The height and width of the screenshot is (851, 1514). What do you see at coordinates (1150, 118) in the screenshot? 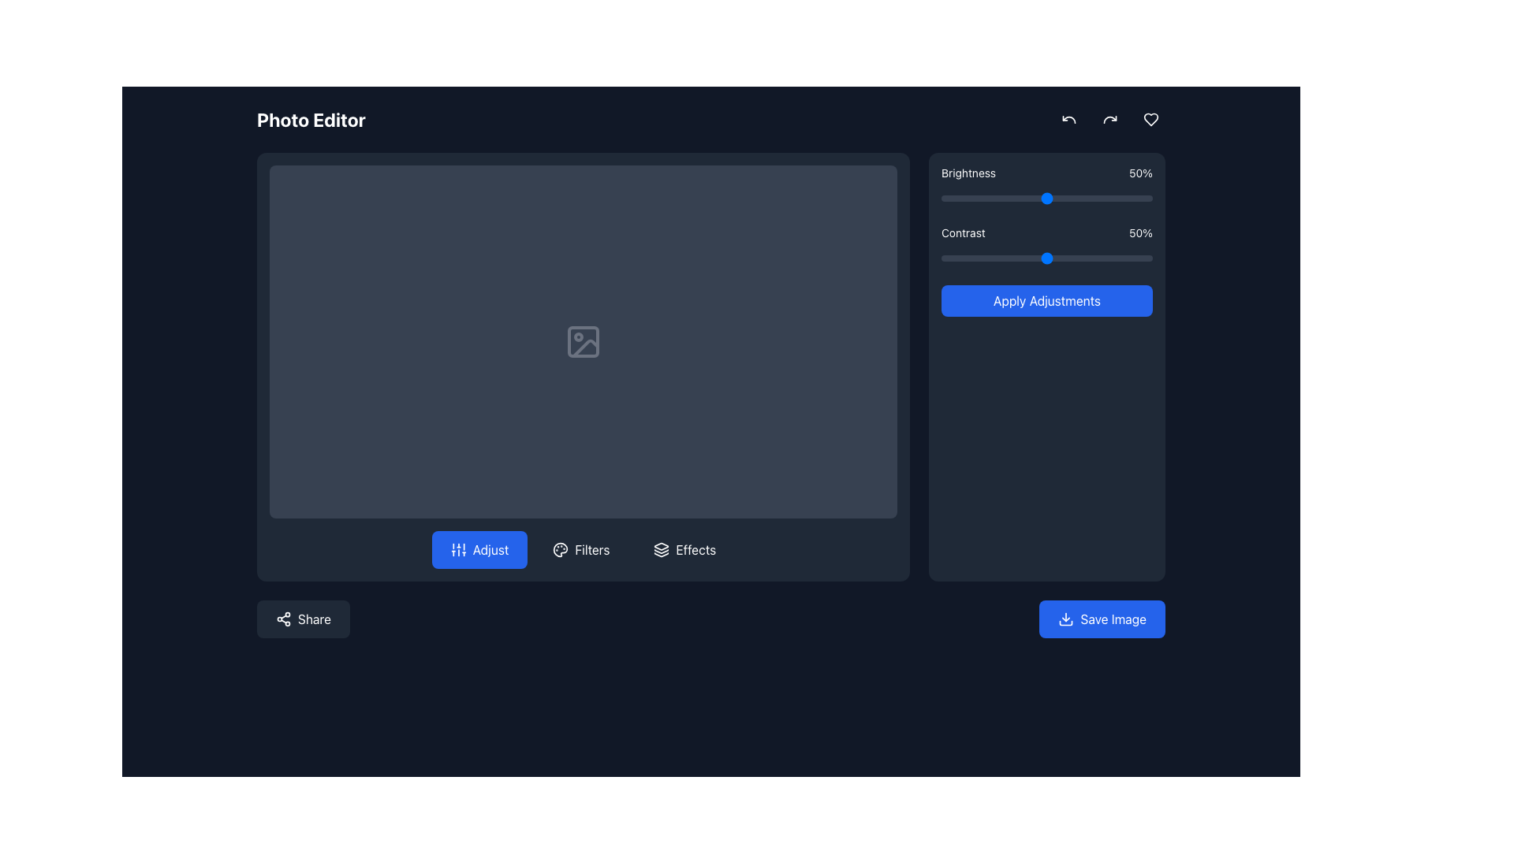
I see `the favorite button located in the top-right corner of the toolbar` at bounding box center [1150, 118].